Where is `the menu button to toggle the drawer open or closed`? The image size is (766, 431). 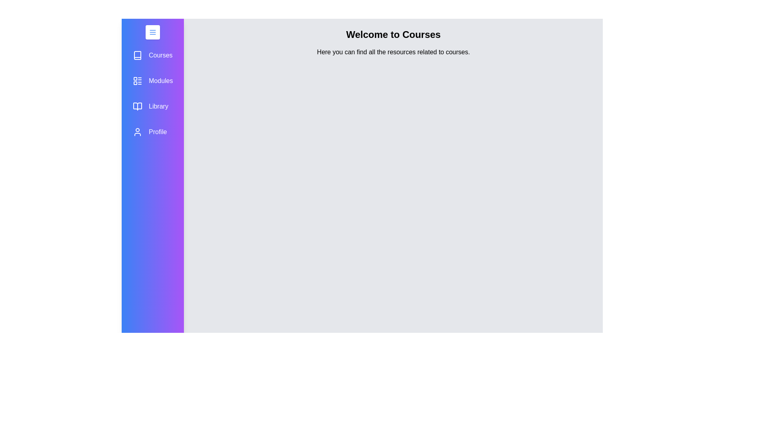
the menu button to toggle the drawer open or closed is located at coordinates (153, 32).